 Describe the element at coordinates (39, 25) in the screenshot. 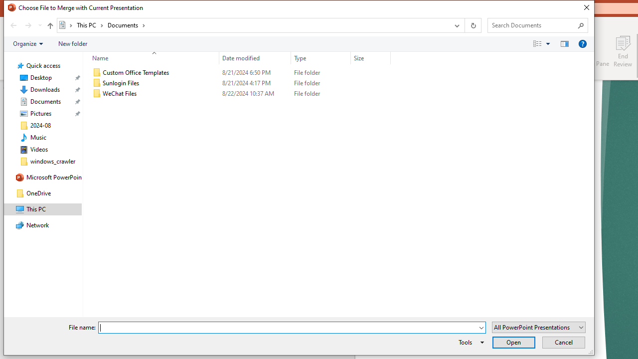

I see `'Recent locations'` at that location.